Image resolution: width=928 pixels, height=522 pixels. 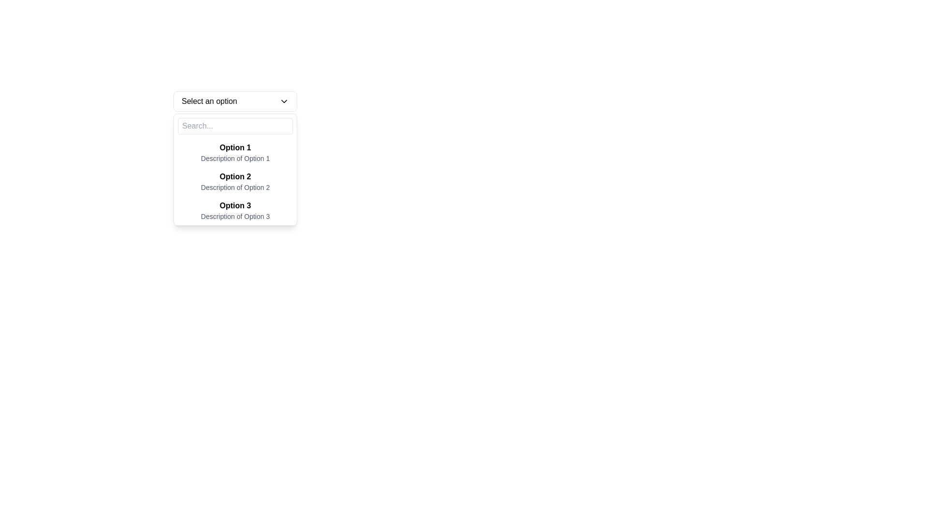 What do you see at coordinates (209, 101) in the screenshot?
I see `the text label 'Select an option' inside the dropdown to focus the dropdown` at bounding box center [209, 101].